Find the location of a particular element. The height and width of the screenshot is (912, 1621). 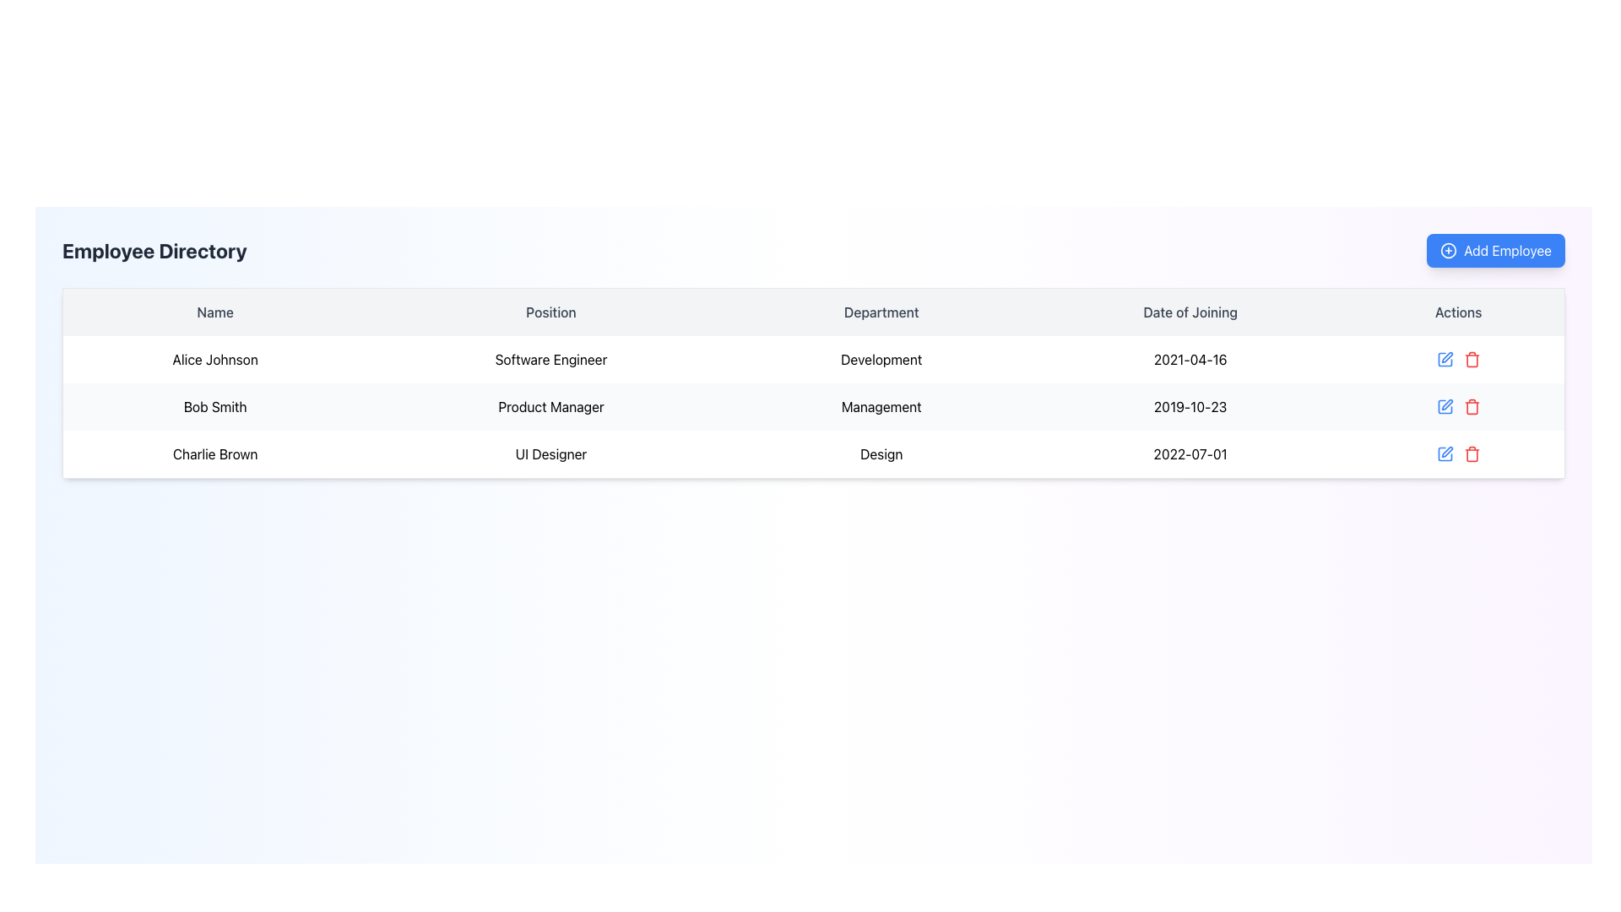

the header text label indicating joining dates, which is the fourth column in the table header, located between 'Department' and 'Actions' is located at coordinates (1190, 312).